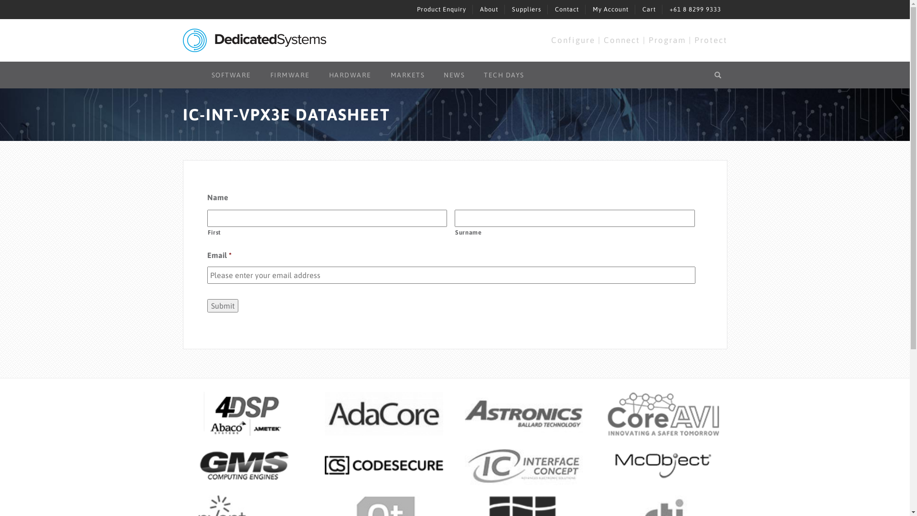  Describe the element at coordinates (182, 69) in the screenshot. I see `'<i class="fa fa-home"></i>'` at that location.